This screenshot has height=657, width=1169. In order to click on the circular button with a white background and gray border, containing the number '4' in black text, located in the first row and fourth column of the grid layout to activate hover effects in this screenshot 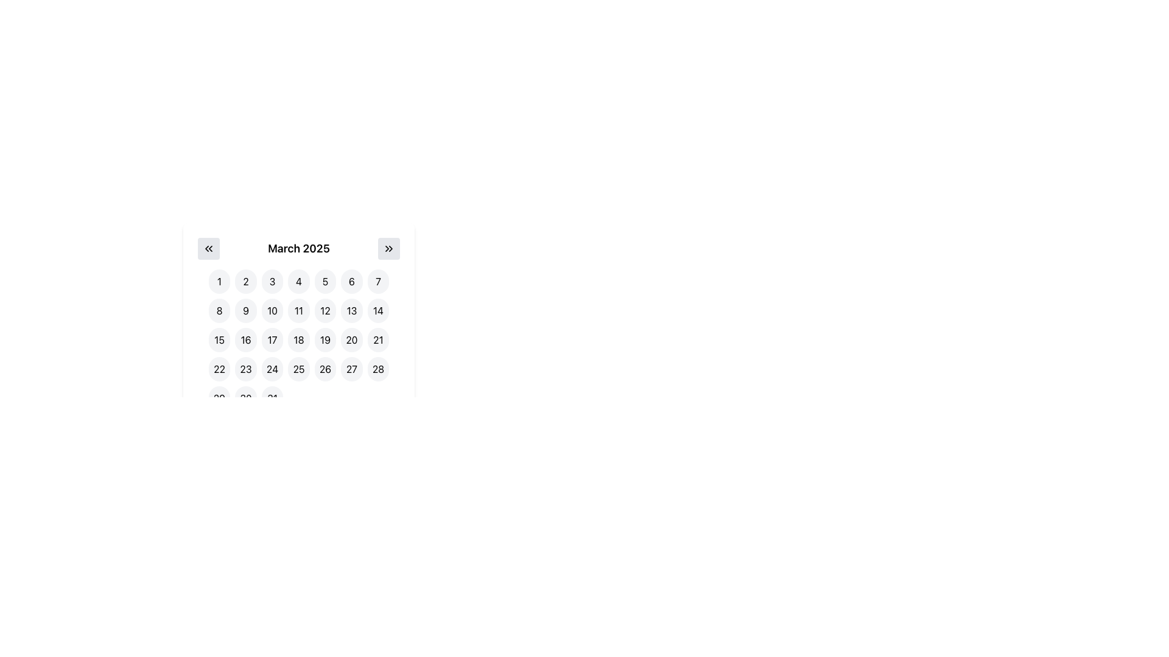, I will do `click(298, 281)`.